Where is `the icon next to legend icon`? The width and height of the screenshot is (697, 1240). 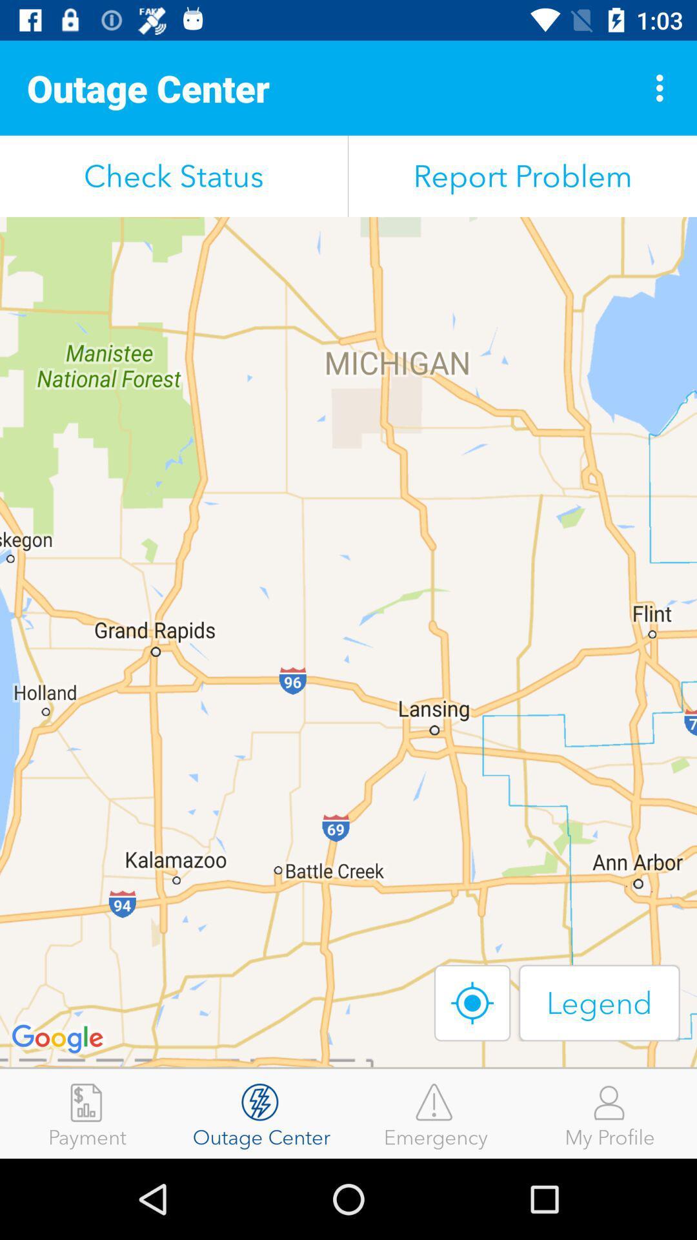 the icon next to legend icon is located at coordinates (472, 1002).